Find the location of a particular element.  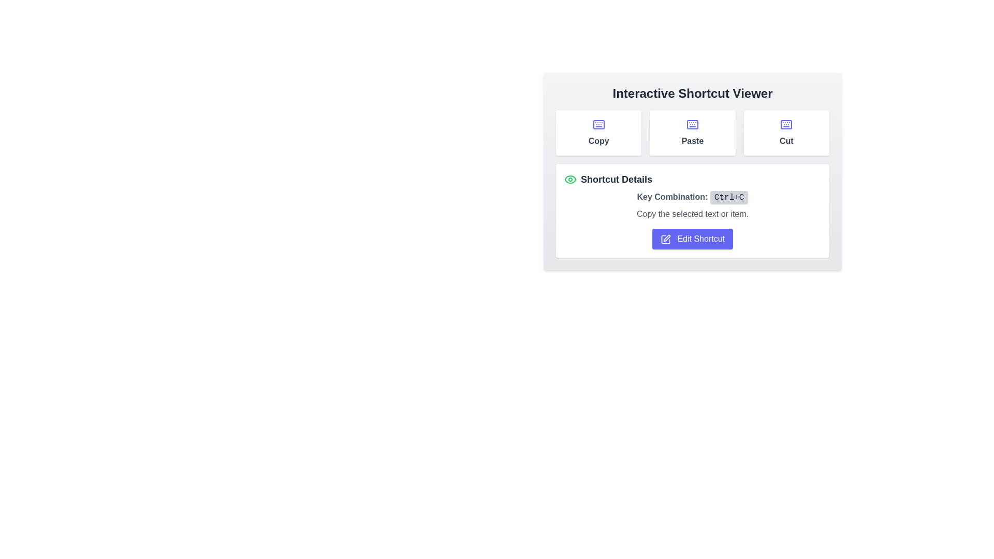

the label displaying 'Key Combination:' which is styled in a black font with a grayish tint, located in the lower half of the interface within the 'Shortcut Details' section is located at coordinates (672, 197).